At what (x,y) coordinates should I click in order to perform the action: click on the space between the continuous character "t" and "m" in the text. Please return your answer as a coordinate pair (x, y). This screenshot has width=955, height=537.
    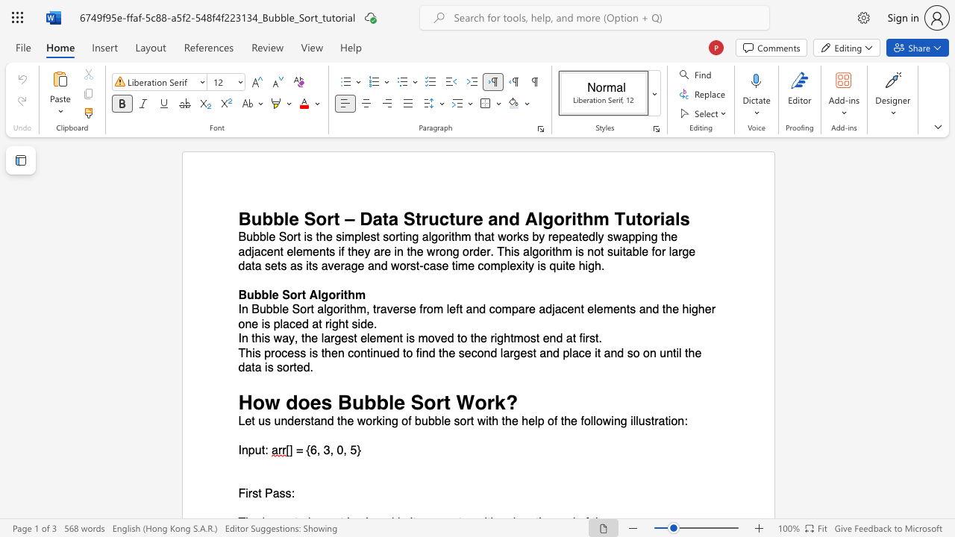
    Looking at the image, I should click on (515, 339).